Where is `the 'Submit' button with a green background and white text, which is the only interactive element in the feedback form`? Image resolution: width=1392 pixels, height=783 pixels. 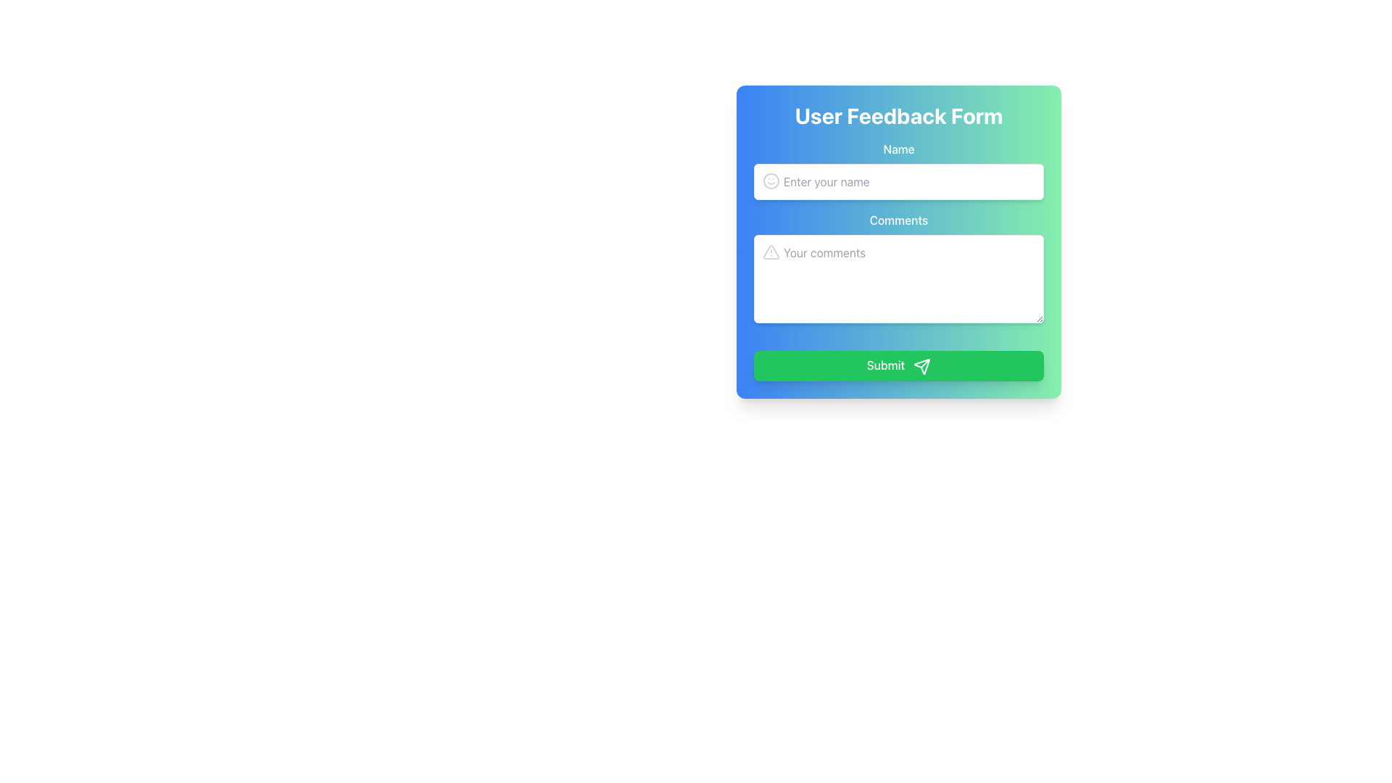
the 'Submit' button with a green background and white text, which is the only interactive element in the feedback form is located at coordinates (898, 365).